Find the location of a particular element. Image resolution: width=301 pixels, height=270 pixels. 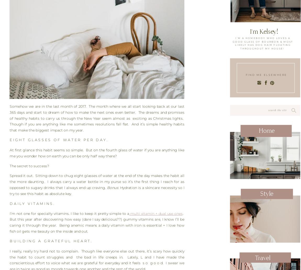

'At first glance this habit seems so simple.  But on the fourth glass of water if you are anything like me you wonder how on earth you can be only half way there?' is located at coordinates (97, 152).